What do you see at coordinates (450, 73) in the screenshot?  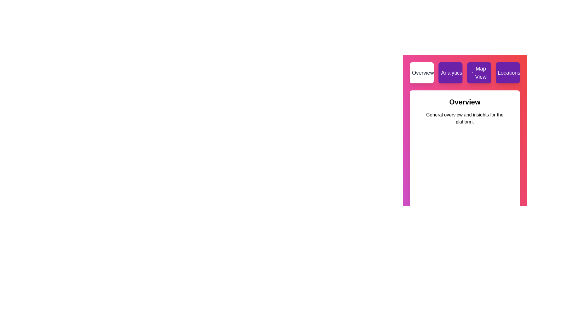 I see `the 'Analytics' button, which is a rectangular button with rounded corners, purple background, and white bold text` at bounding box center [450, 73].